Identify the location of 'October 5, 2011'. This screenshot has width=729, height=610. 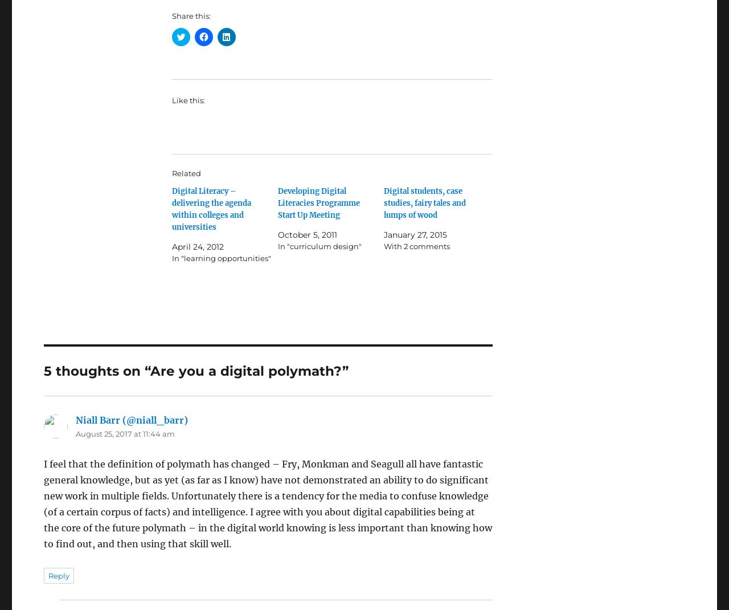
(308, 234).